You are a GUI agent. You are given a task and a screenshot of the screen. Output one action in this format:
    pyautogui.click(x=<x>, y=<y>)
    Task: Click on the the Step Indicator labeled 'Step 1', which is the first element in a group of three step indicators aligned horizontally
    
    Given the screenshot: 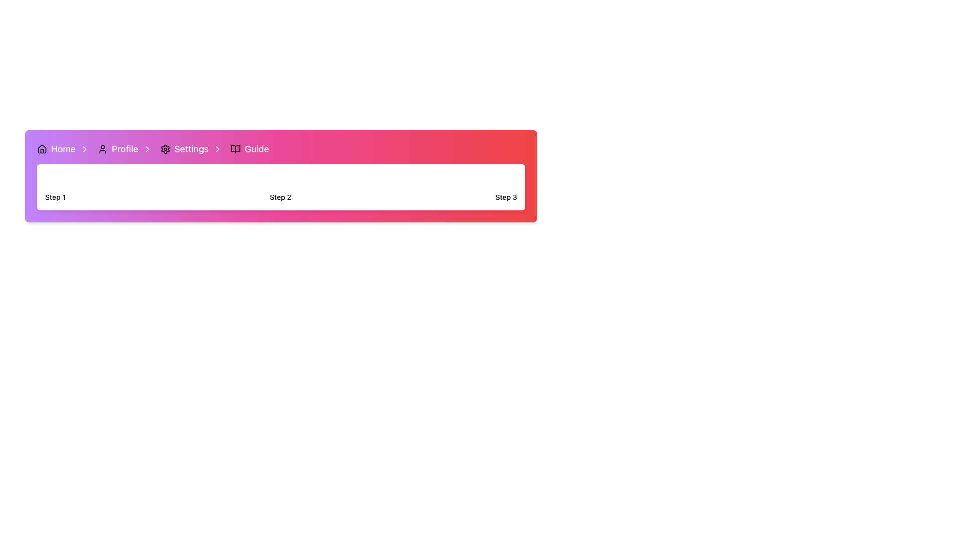 What is the action you would take?
    pyautogui.click(x=55, y=187)
    